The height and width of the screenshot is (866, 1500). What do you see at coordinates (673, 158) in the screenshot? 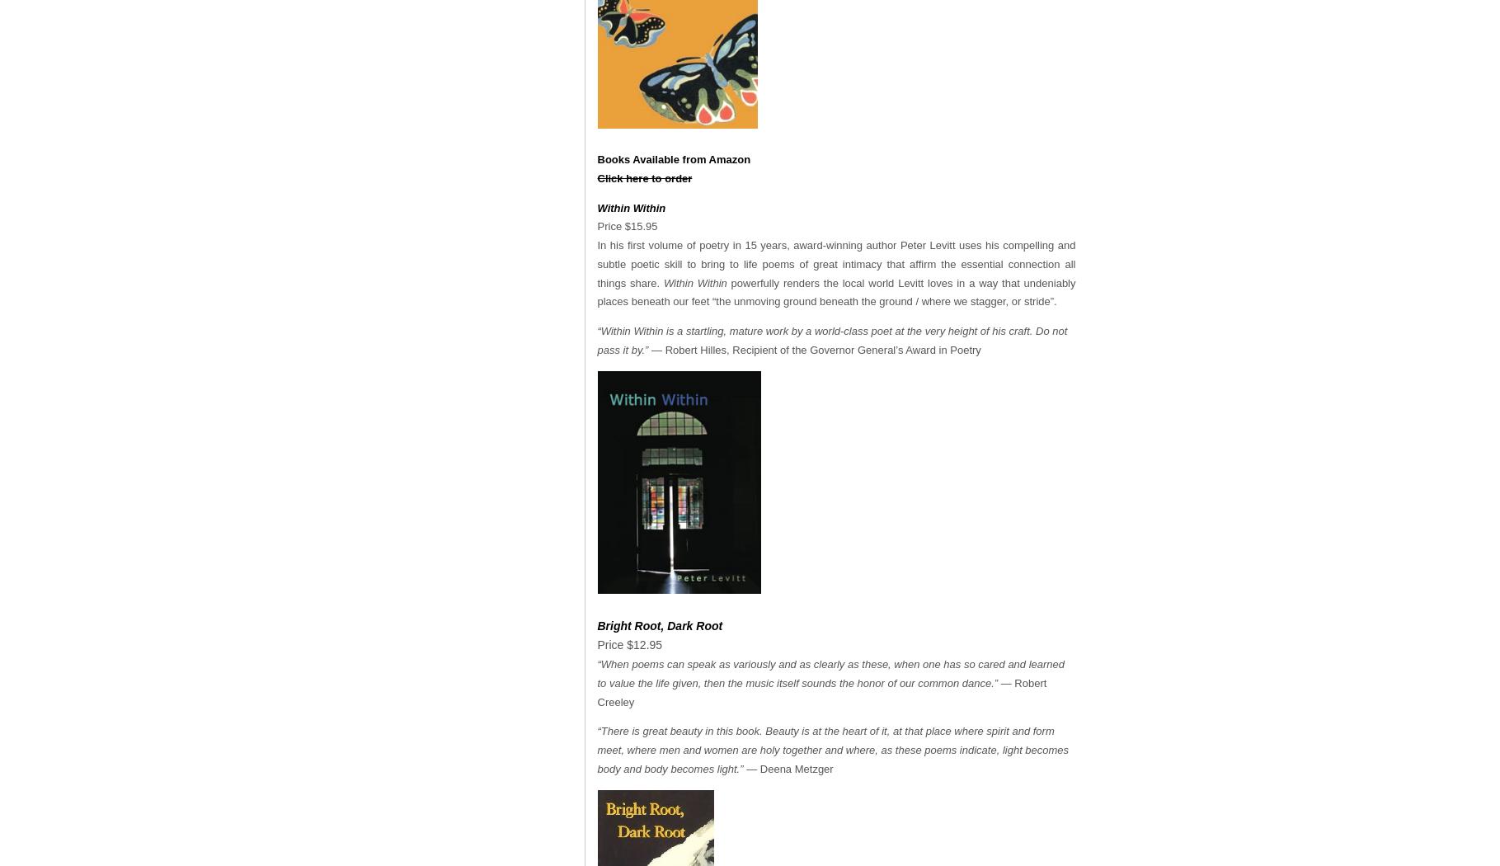
I see `'Books Available from Amazon'` at bounding box center [673, 158].